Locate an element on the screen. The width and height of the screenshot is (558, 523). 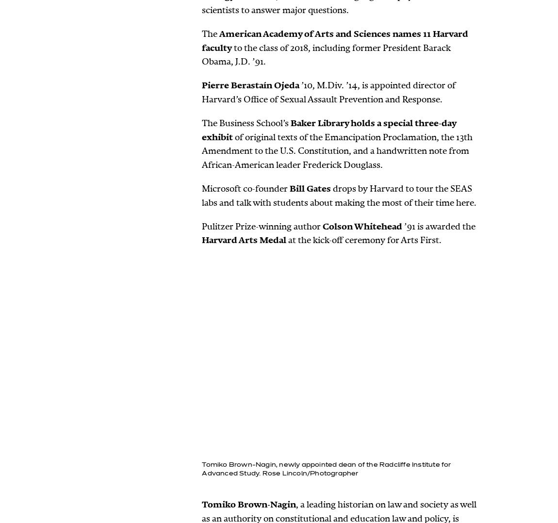
'Tomiko Brown-Nagin' is located at coordinates (201, 504).